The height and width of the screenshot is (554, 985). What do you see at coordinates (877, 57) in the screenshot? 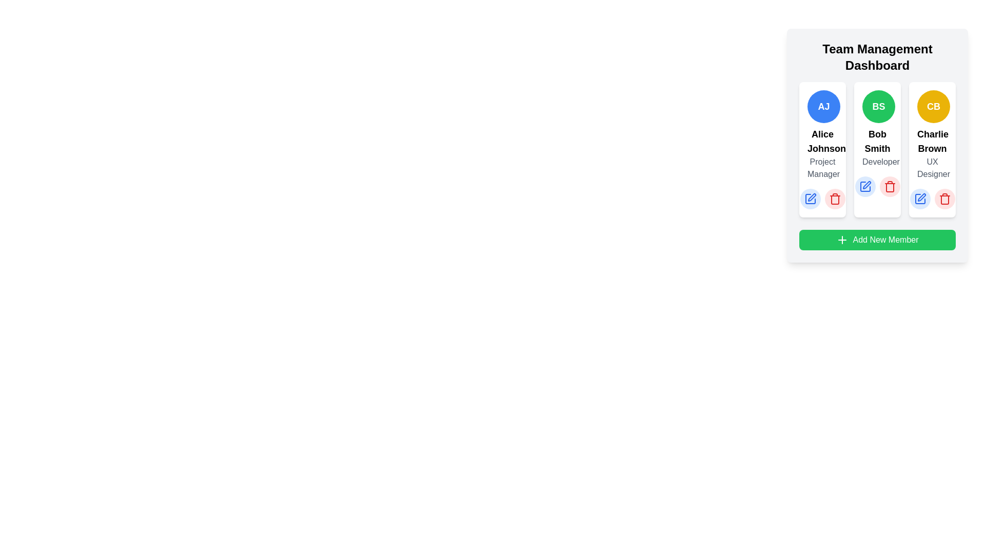
I see `the title text element at the top-center of the dashboard, which serves as the heading for the section` at bounding box center [877, 57].